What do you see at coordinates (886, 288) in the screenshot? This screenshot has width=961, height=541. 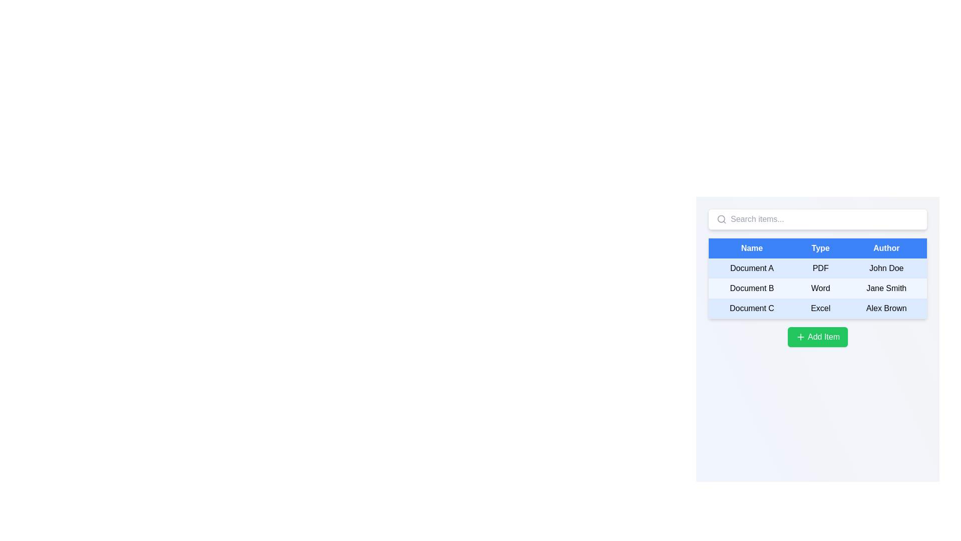 I see `the text element displaying 'Jane Smith' located in the 'Author' column of the table, specifically in the third column of the second row, adjacent to 'Document B' and 'Word'` at bounding box center [886, 288].